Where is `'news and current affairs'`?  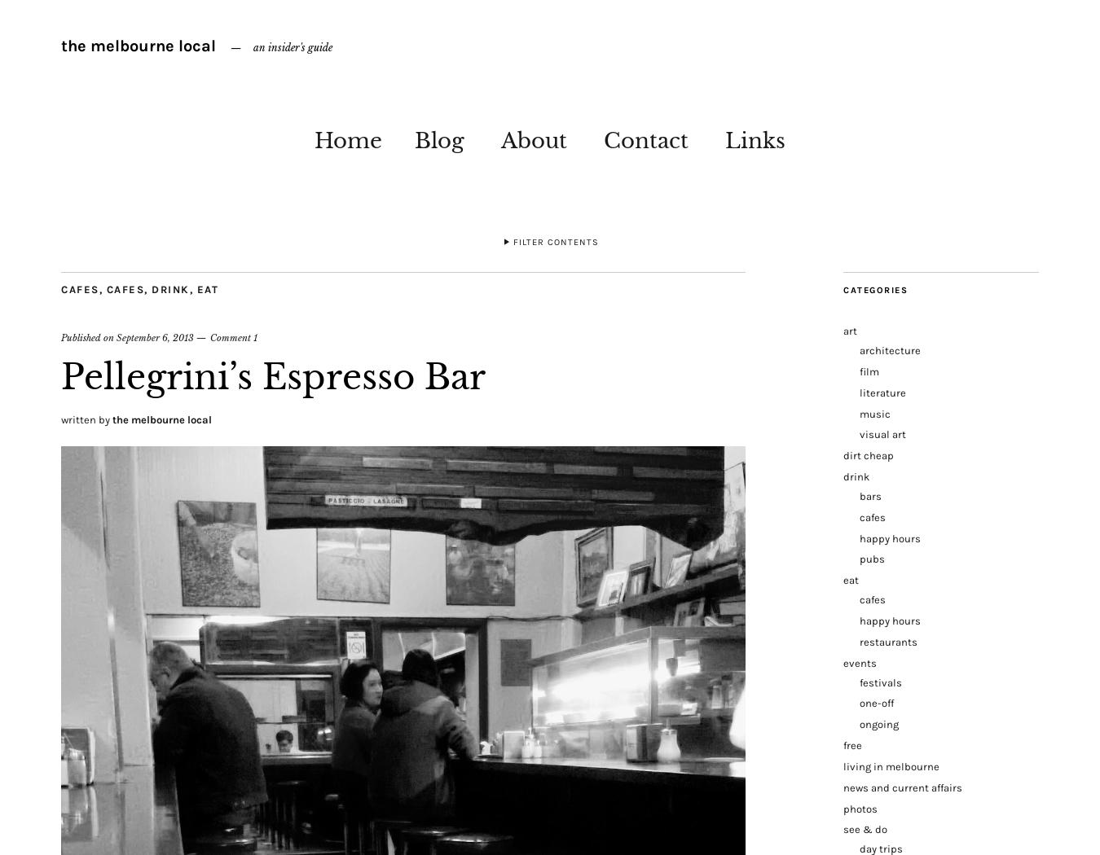 'news and current affairs' is located at coordinates (902, 786).